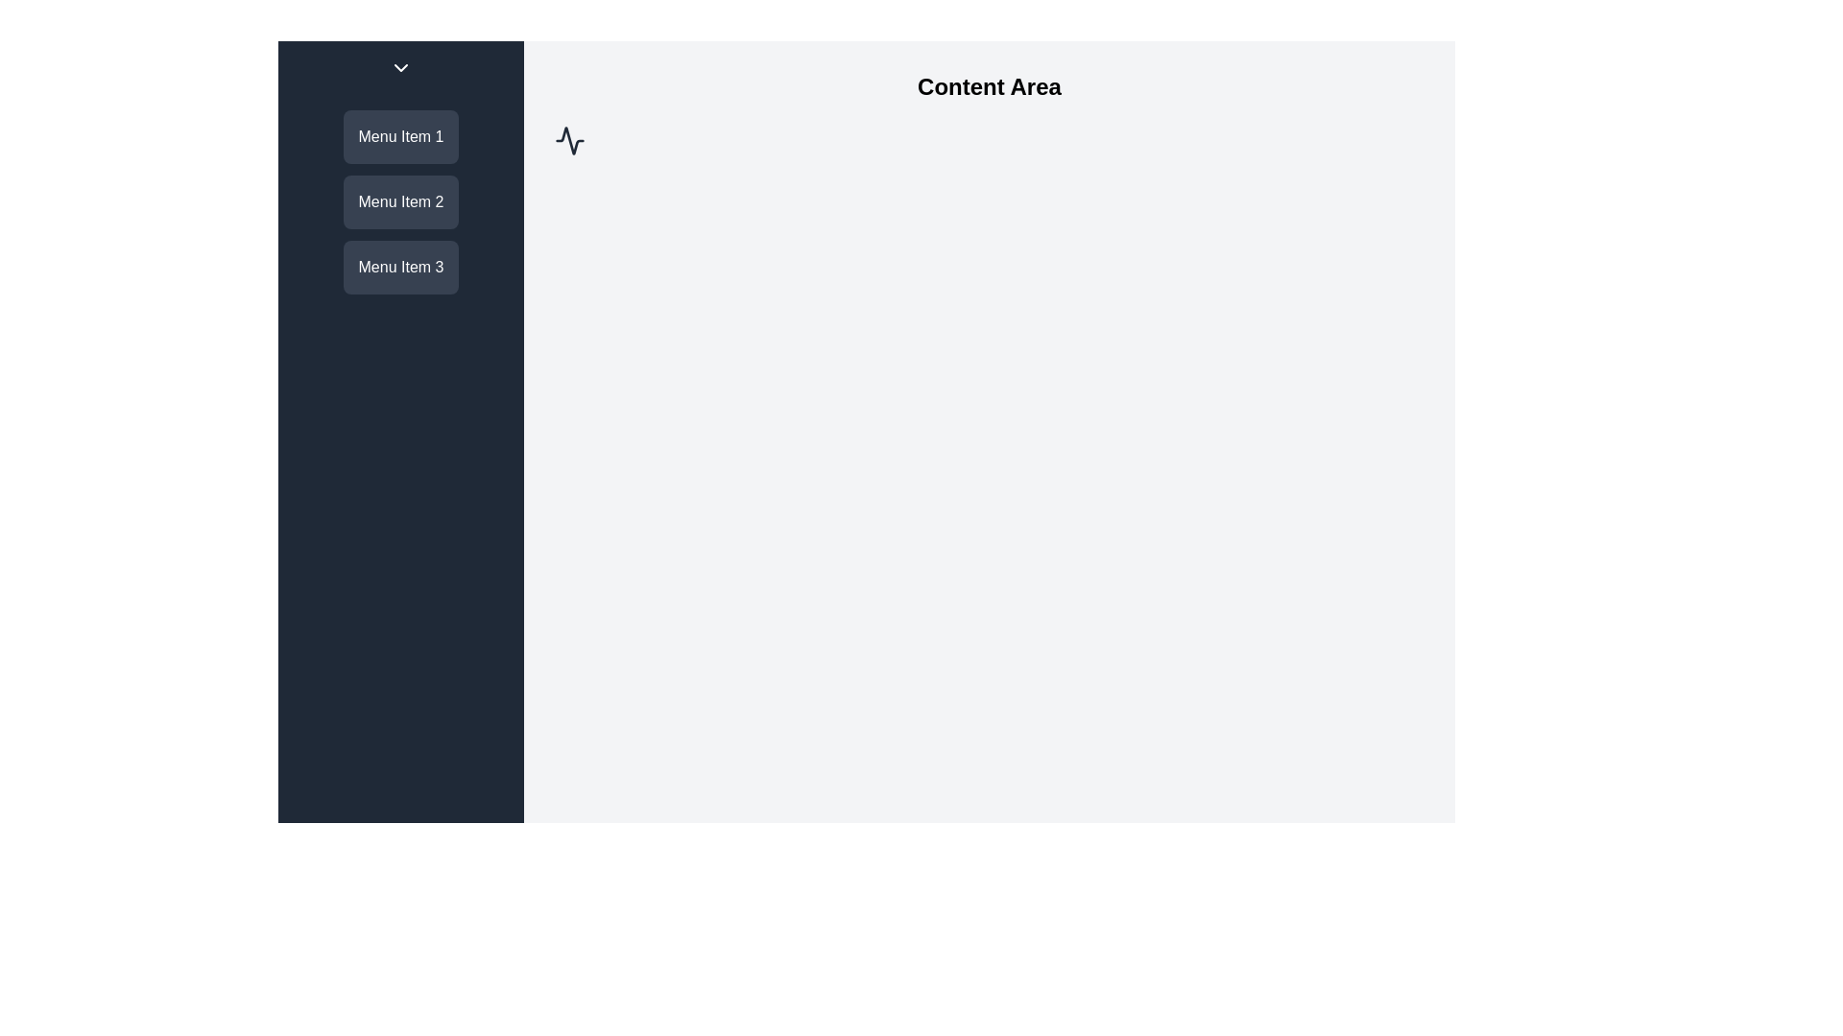 The height and width of the screenshot is (1036, 1843). Describe the element at coordinates (399, 135) in the screenshot. I see `the 'Menu Item 1' button, which is a rectangular button with rounded edges and a gray background, labeled in white text, located in the left sidebar above 'Menu Item 2'` at that location.